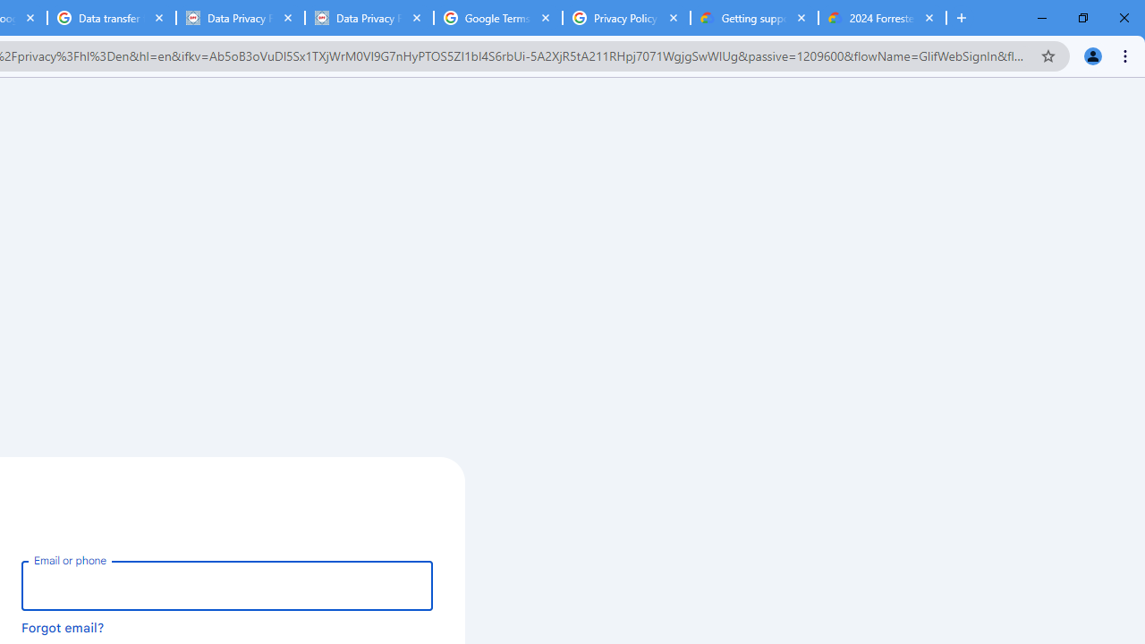  Describe the element at coordinates (63, 626) in the screenshot. I see `'Forgot email?'` at that location.